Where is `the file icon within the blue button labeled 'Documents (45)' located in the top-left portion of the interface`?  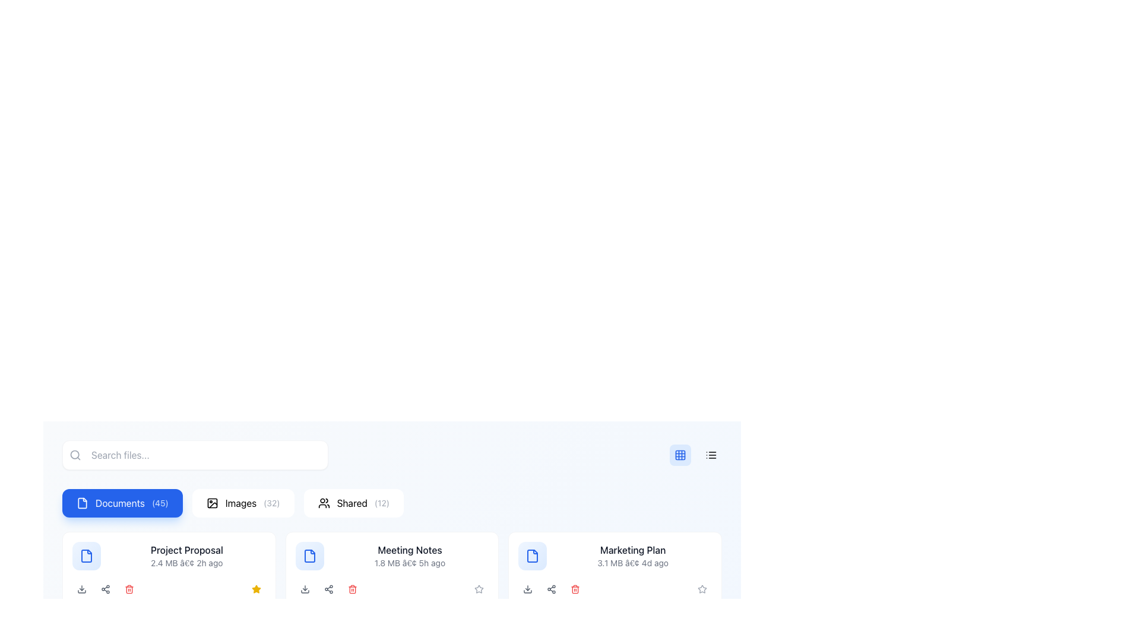 the file icon within the blue button labeled 'Documents (45)' located in the top-left portion of the interface is located at coordinates (82, 503).